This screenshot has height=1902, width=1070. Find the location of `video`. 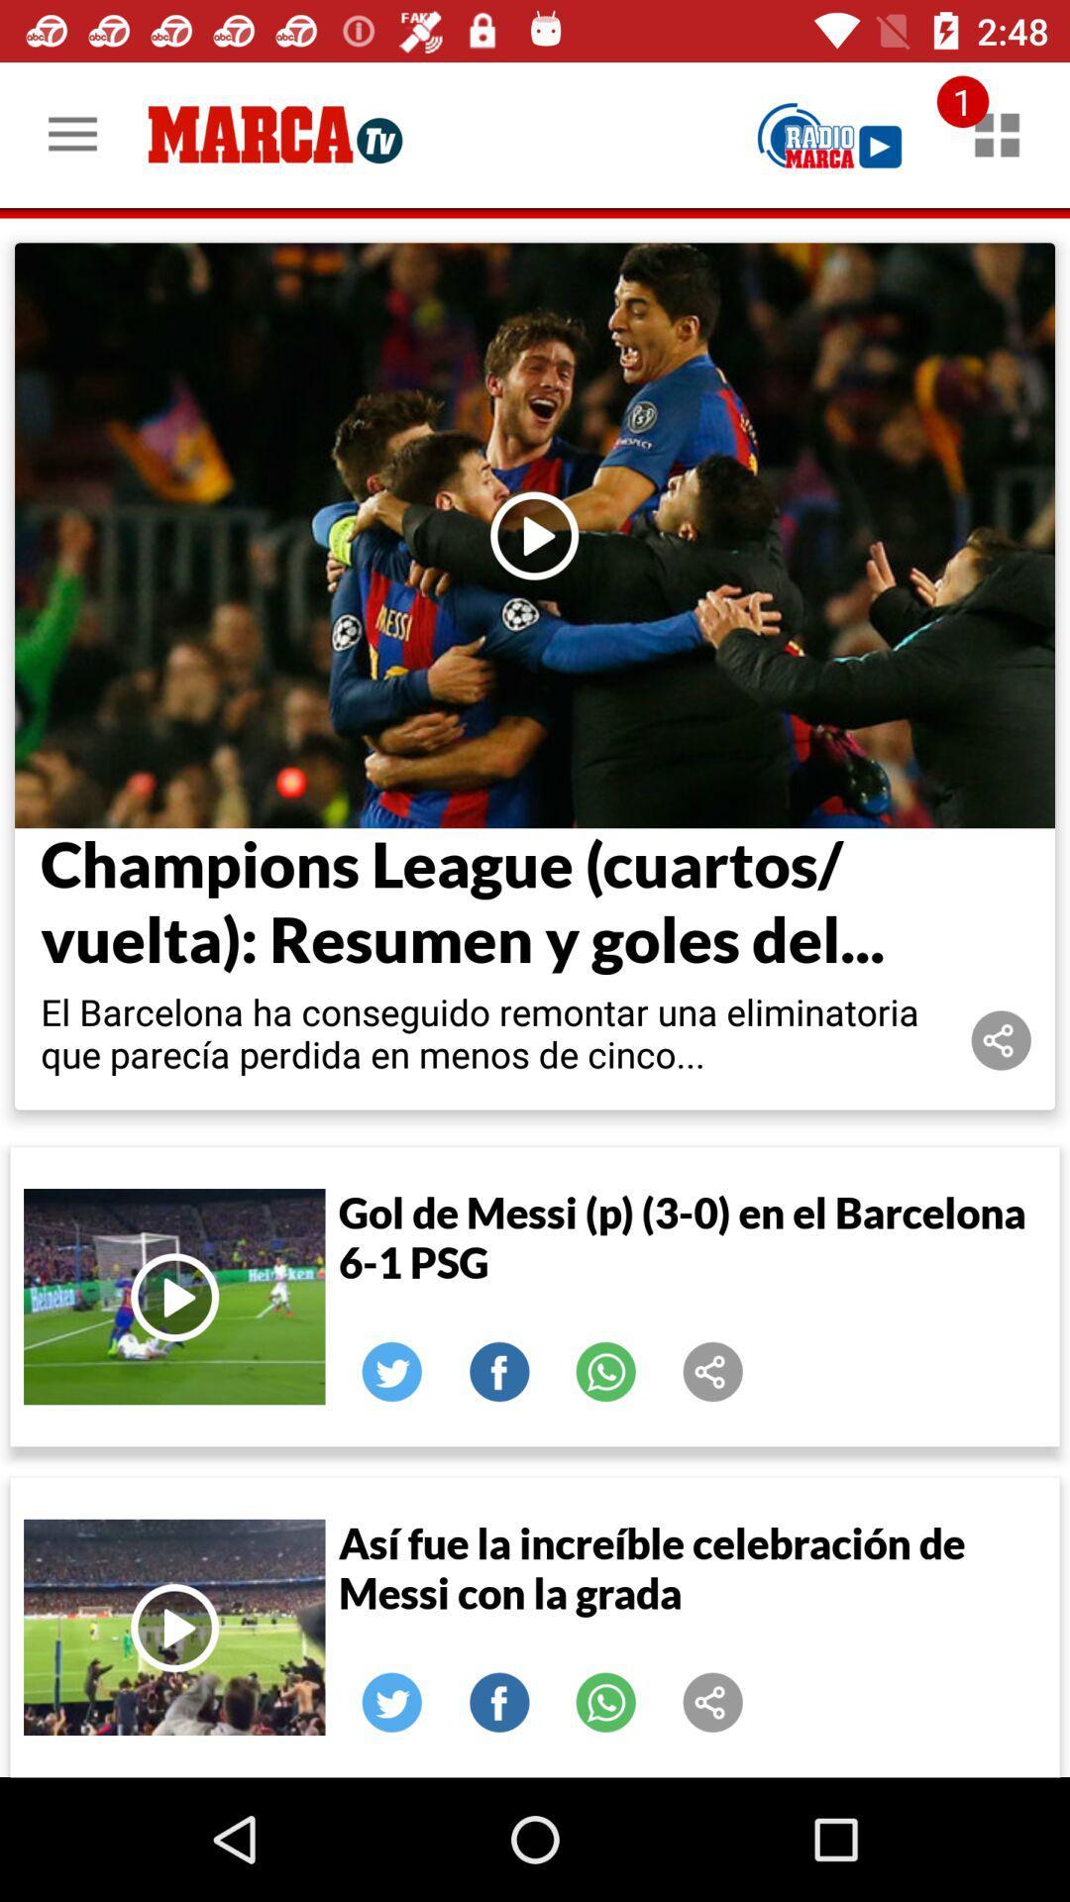

video is located at coordinates (173, 1627).